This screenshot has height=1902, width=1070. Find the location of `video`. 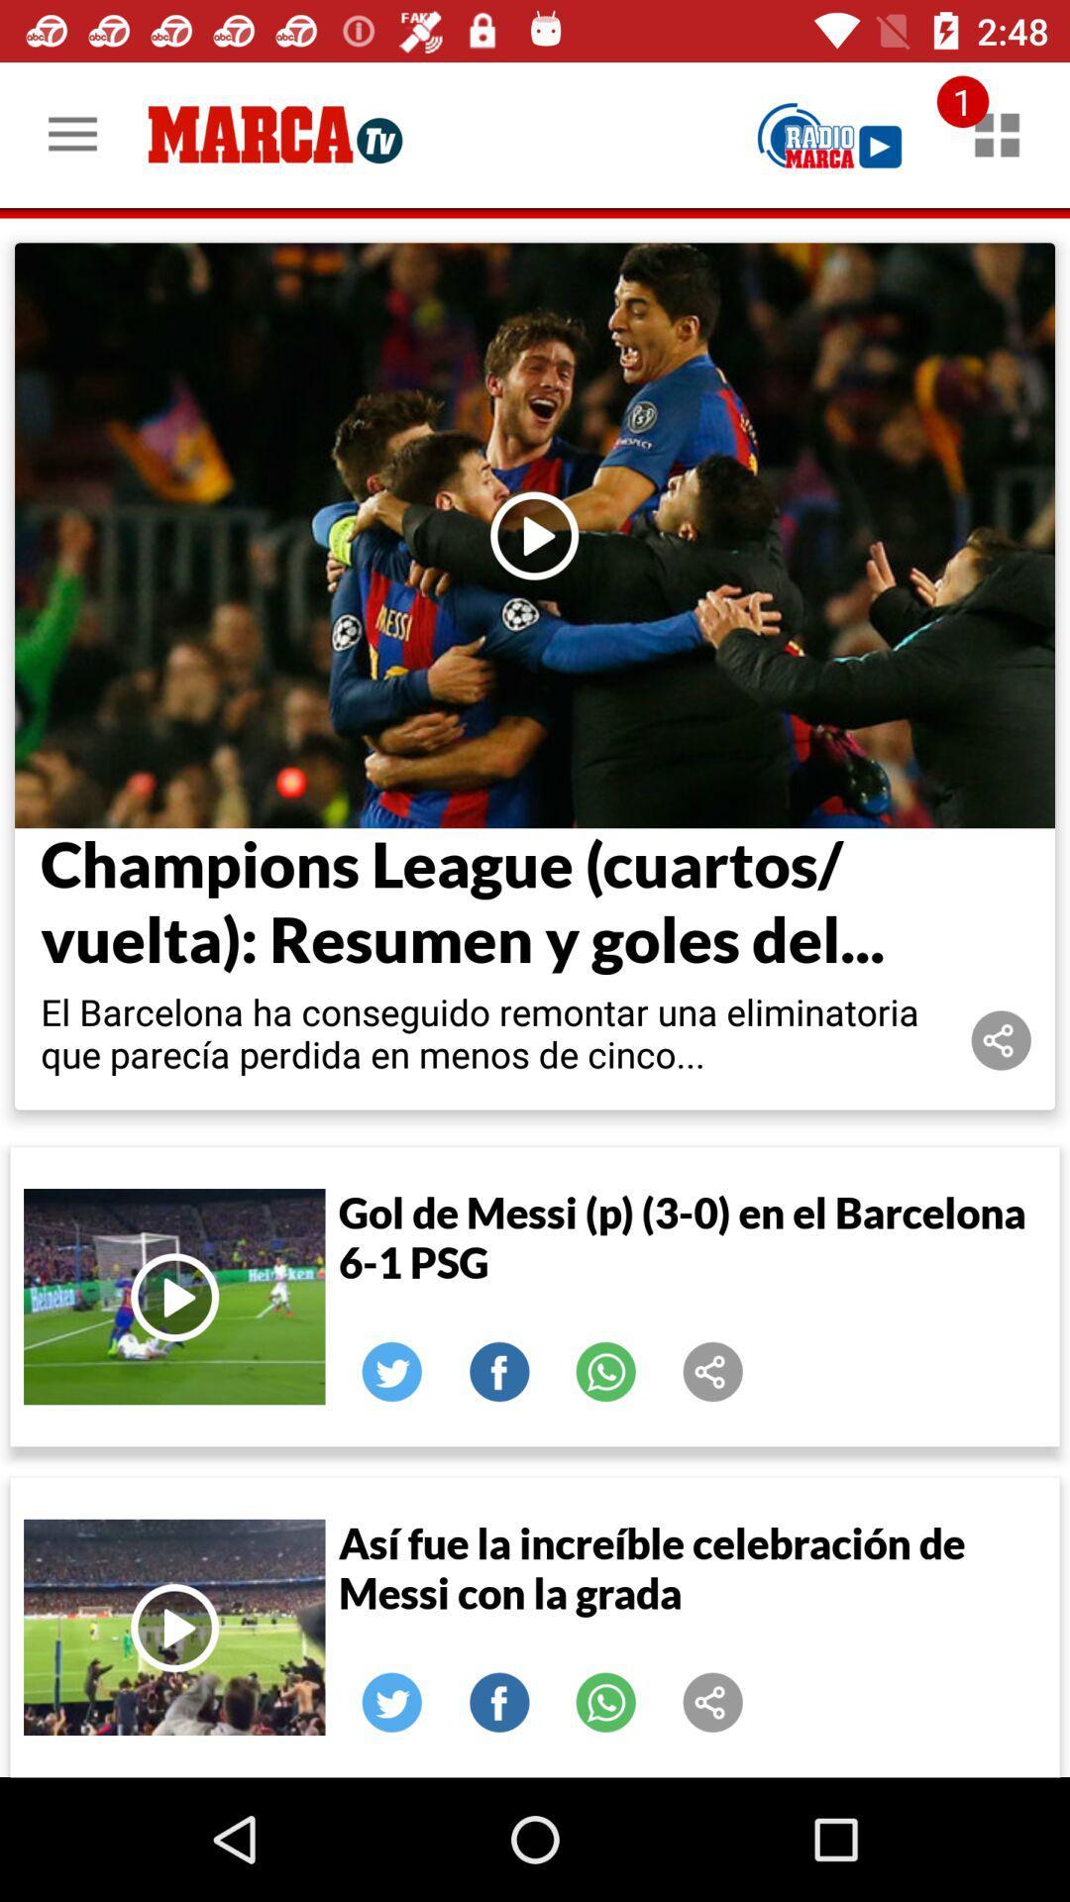

video is located at coordinates (173, 1627).